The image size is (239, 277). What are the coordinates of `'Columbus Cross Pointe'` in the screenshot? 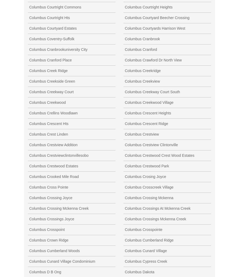 It's located at (49, 187).